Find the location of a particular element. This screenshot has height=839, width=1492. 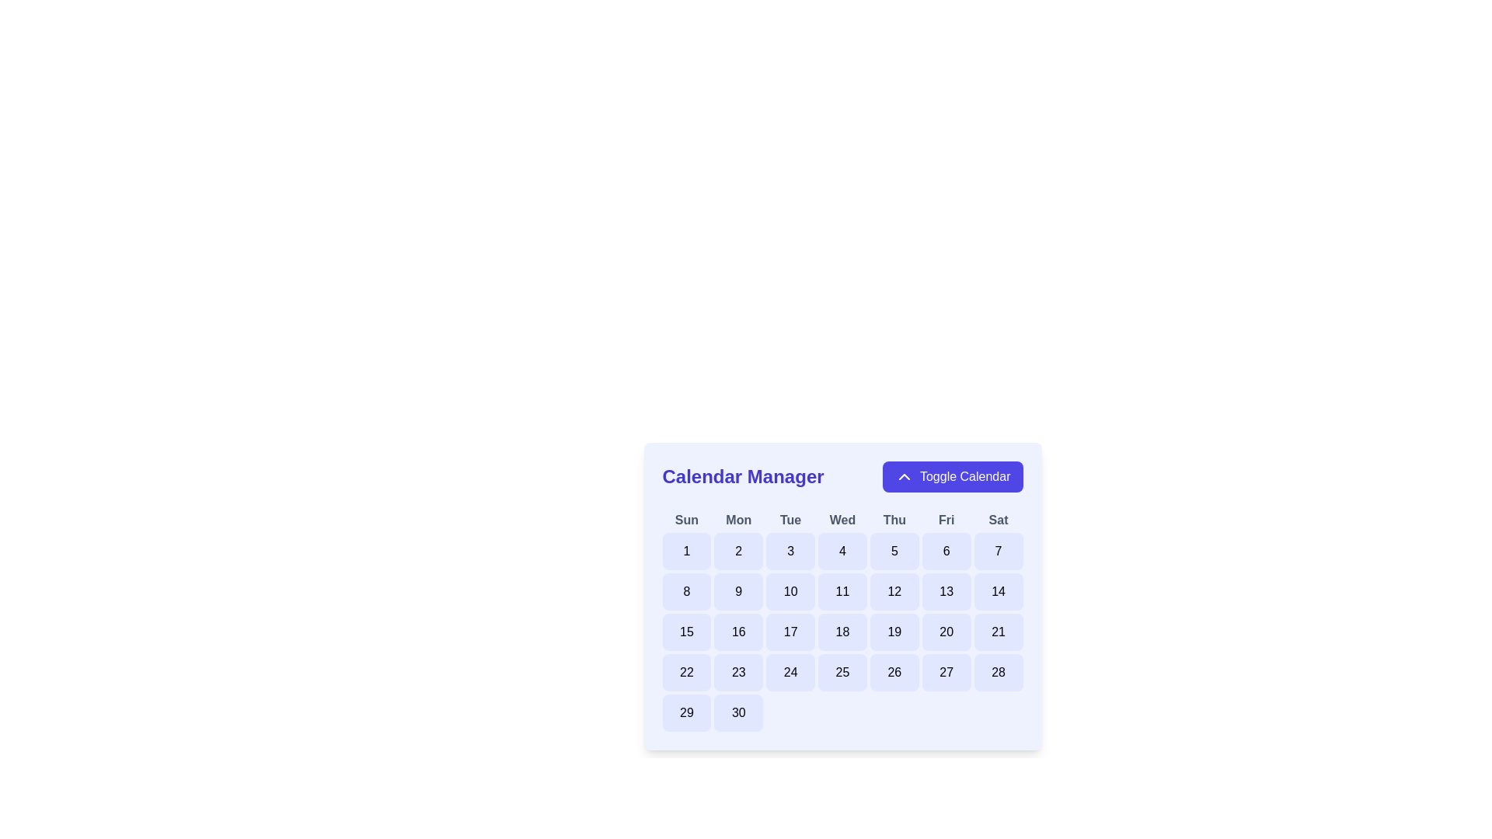

the button labeled '14' is located at coordinates (999, 592).